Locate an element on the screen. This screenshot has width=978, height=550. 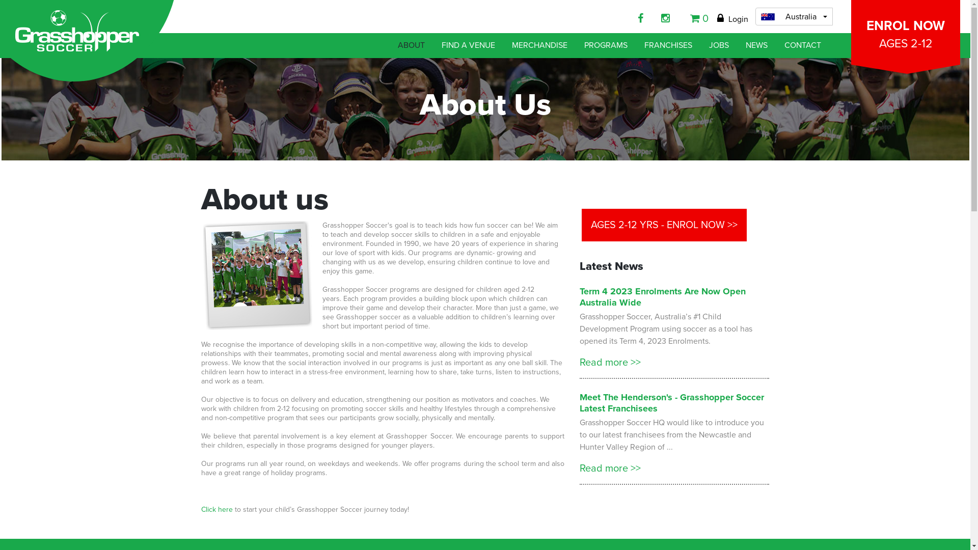
'ENROL NOW is located at coordinates (905, 32).